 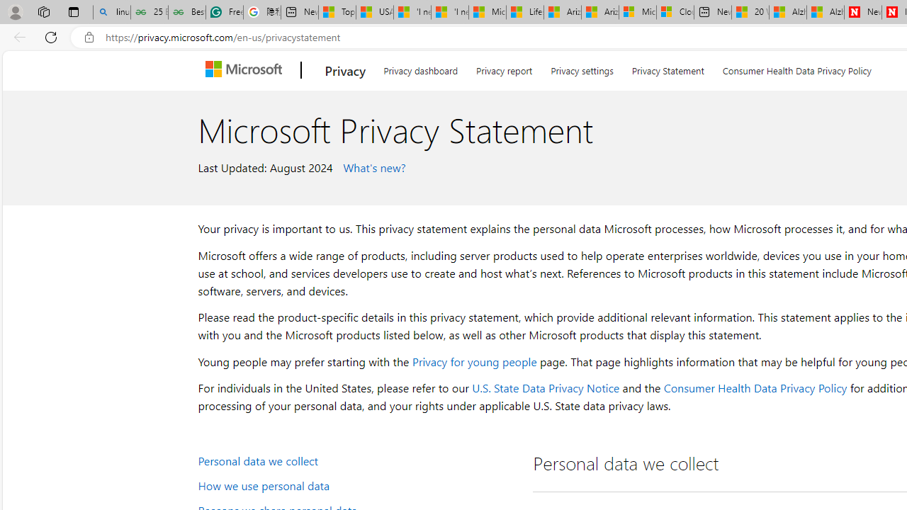 What do you see at coordinates (582, 68) in the screenshot?
I see `'Privacy settings'` at bounding box center [582, 68].